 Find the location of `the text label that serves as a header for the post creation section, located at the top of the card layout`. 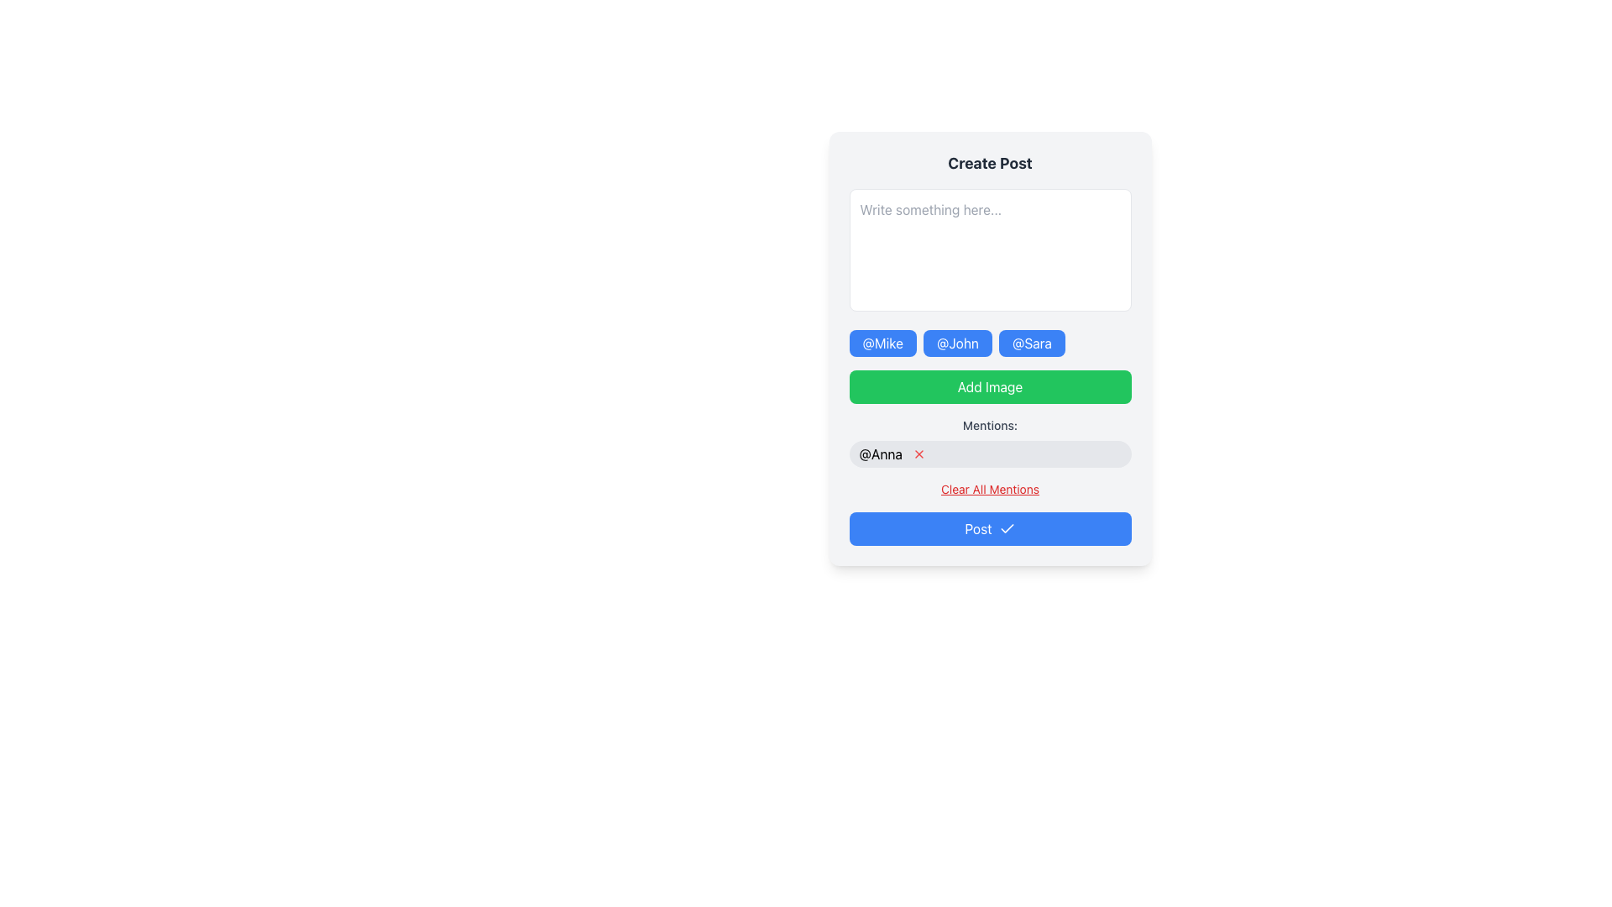

the text label that serves as a header for the post creation section, located at the top of the card layout is located at coordinates (990, 164).